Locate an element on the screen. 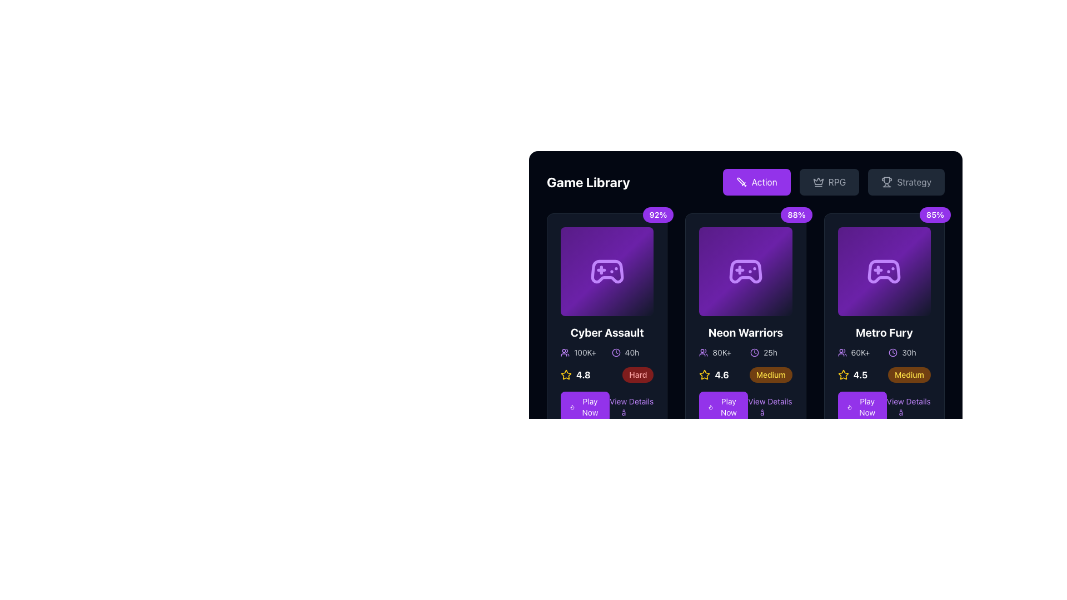 The width and height of the screenshot is (1067, 600). informational text displaying '100K+' and '40h' with associated icons, located under the title 'Cyber Assault' is located at coordinates (606, 353).